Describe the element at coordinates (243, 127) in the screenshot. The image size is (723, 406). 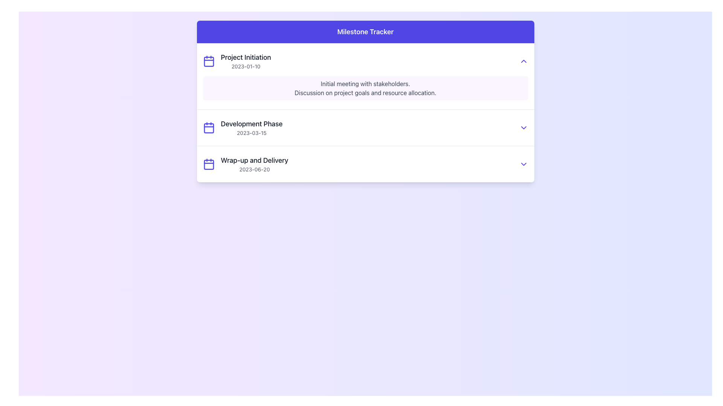
I see `to select the 'Development Phase' list item, which is the second entry in the milestones list, featuring a bold label and an indigo calendar icon` at that location.